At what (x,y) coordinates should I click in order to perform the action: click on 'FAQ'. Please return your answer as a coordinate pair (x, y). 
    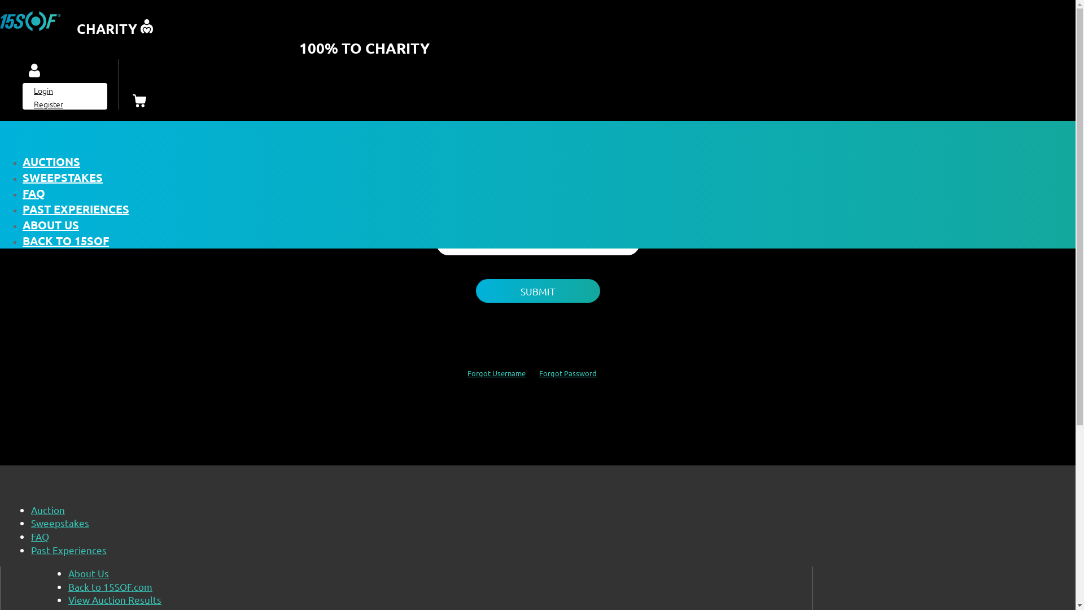
    Looking at the image, I should click on (33, 193).